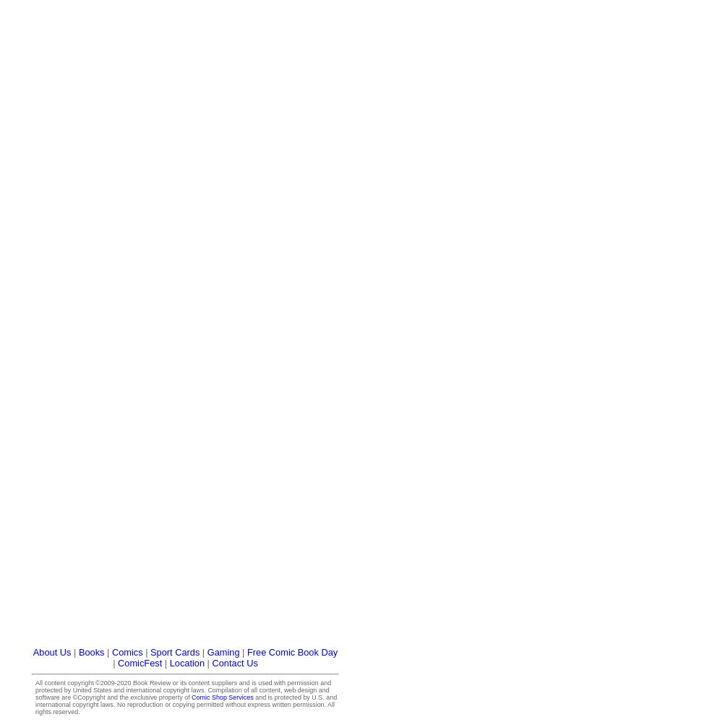 Image resolution: width=720 pixels, height=722 pixels. Describe the element at coordinates (206, 652) in the screenshot. I see `'Gaming'` at that location.